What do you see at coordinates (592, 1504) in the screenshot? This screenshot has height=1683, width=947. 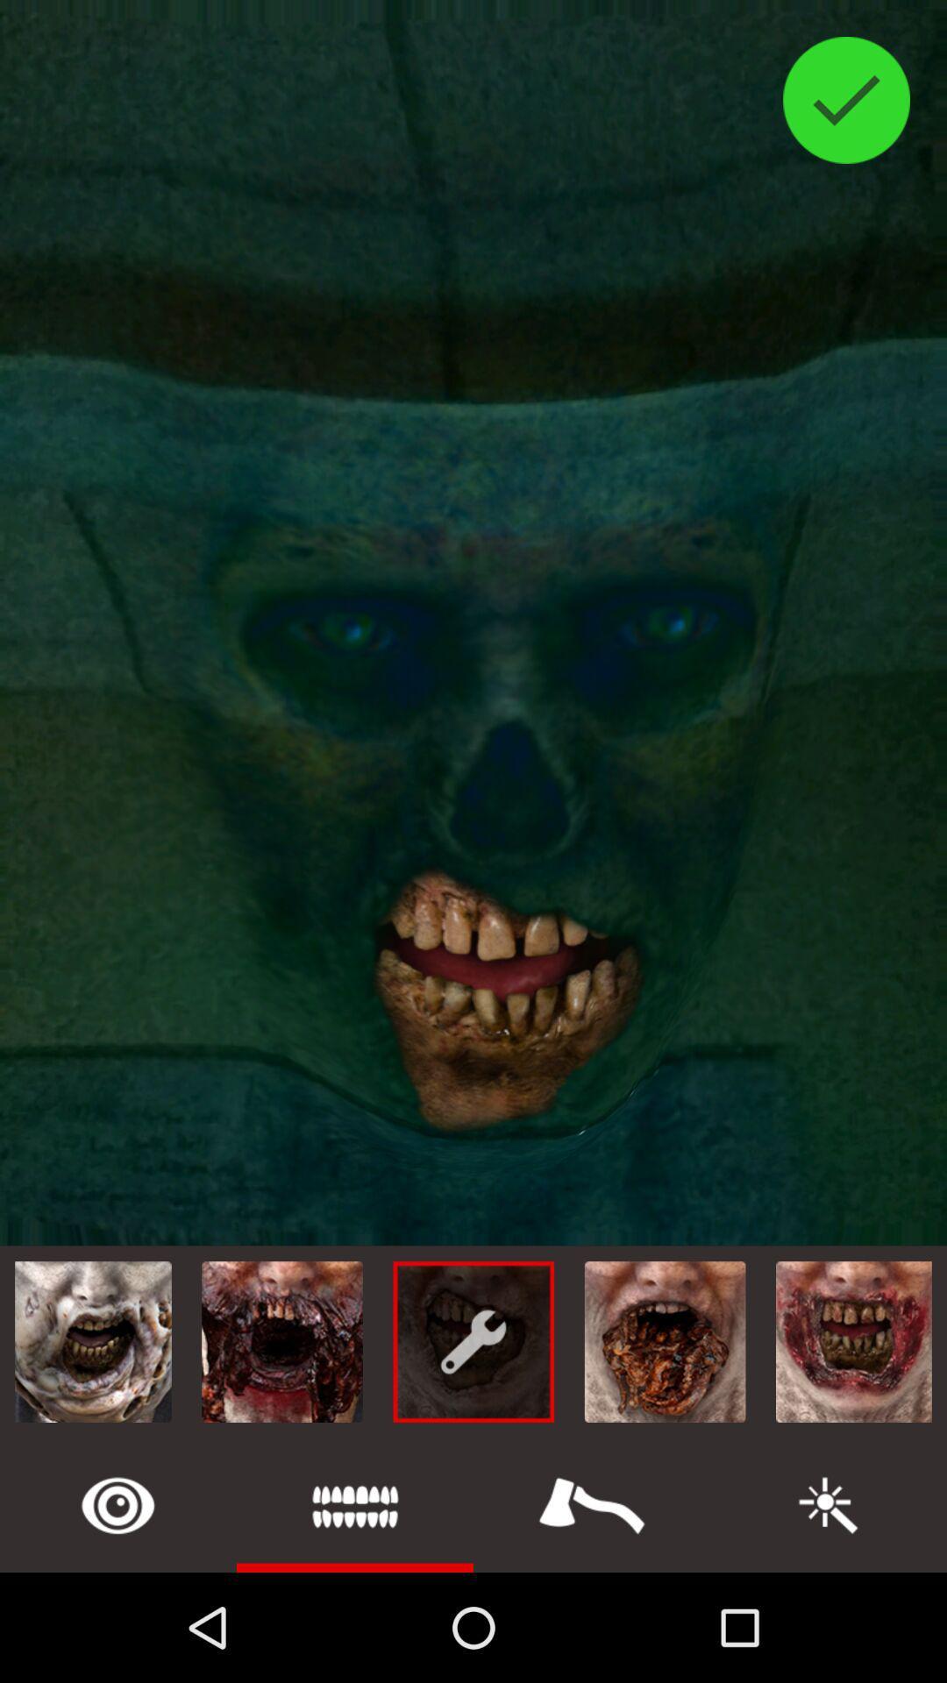 I see `weapon` at bounding box center [592, 1504].